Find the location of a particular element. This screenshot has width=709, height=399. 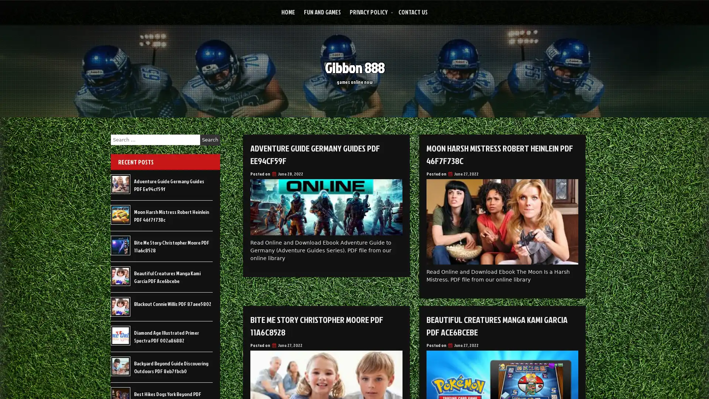

Search is located at coordinates (210, 140).